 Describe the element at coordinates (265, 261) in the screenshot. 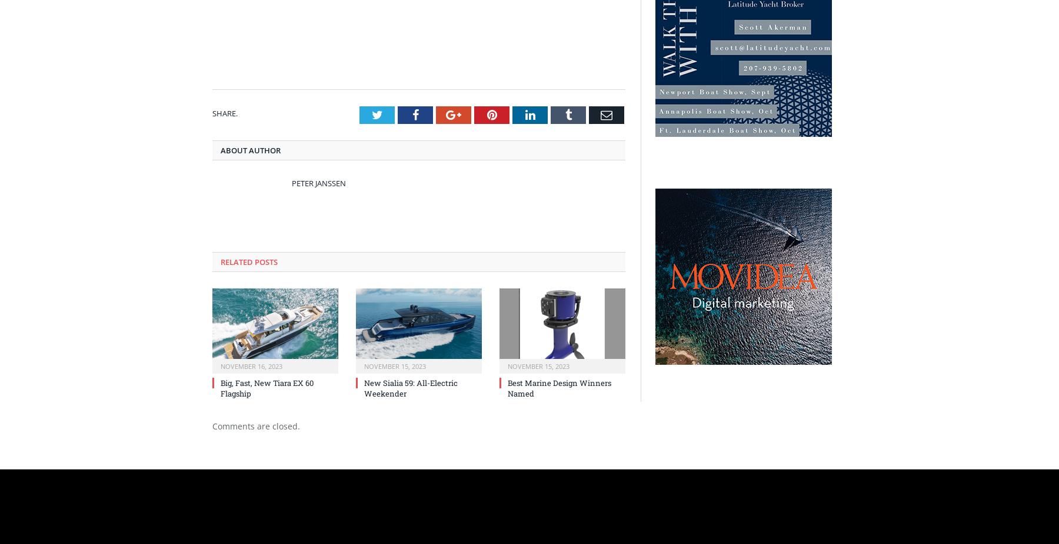

I see `'Posts'` at that location.